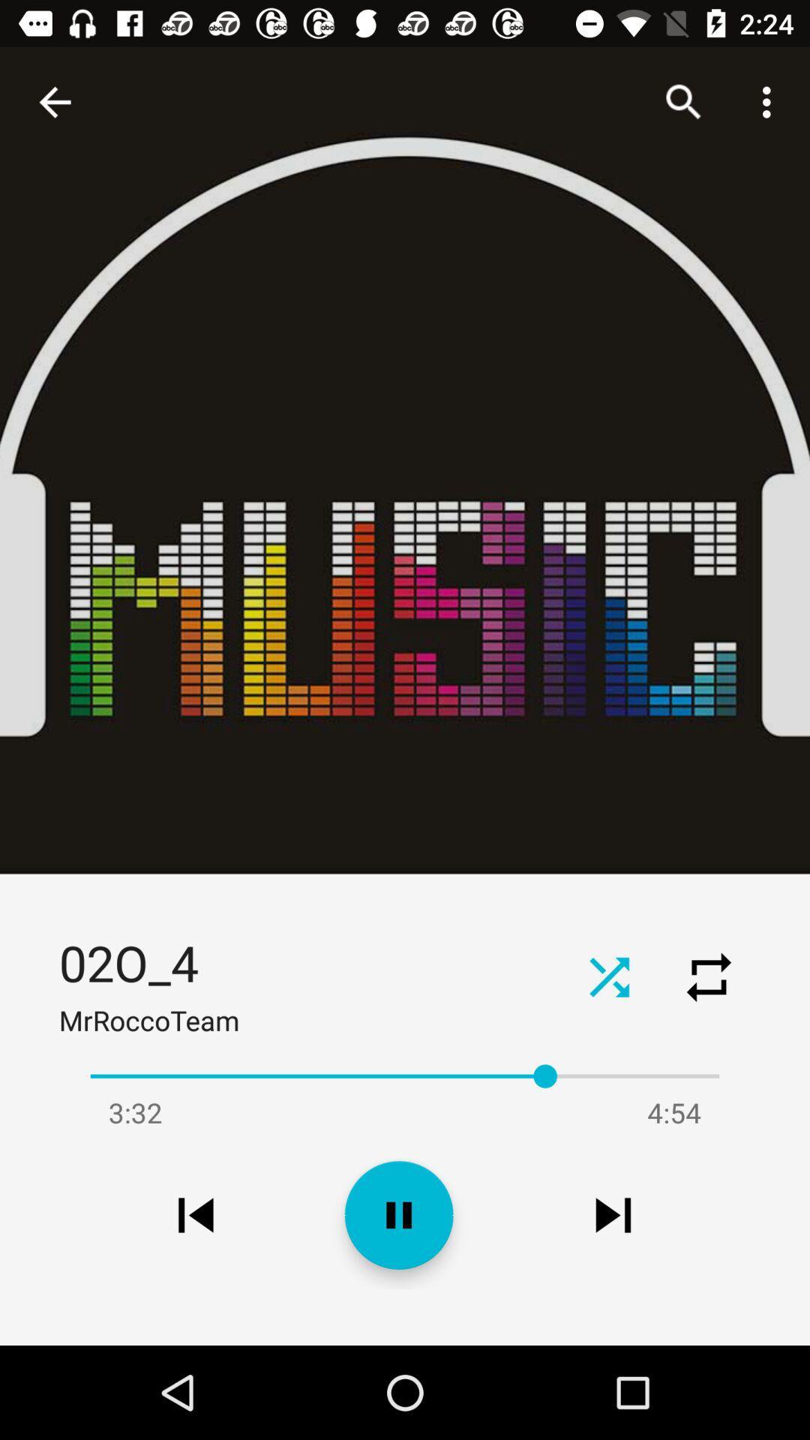  I want to click on the skip_previous icon, so click(195, 1215).